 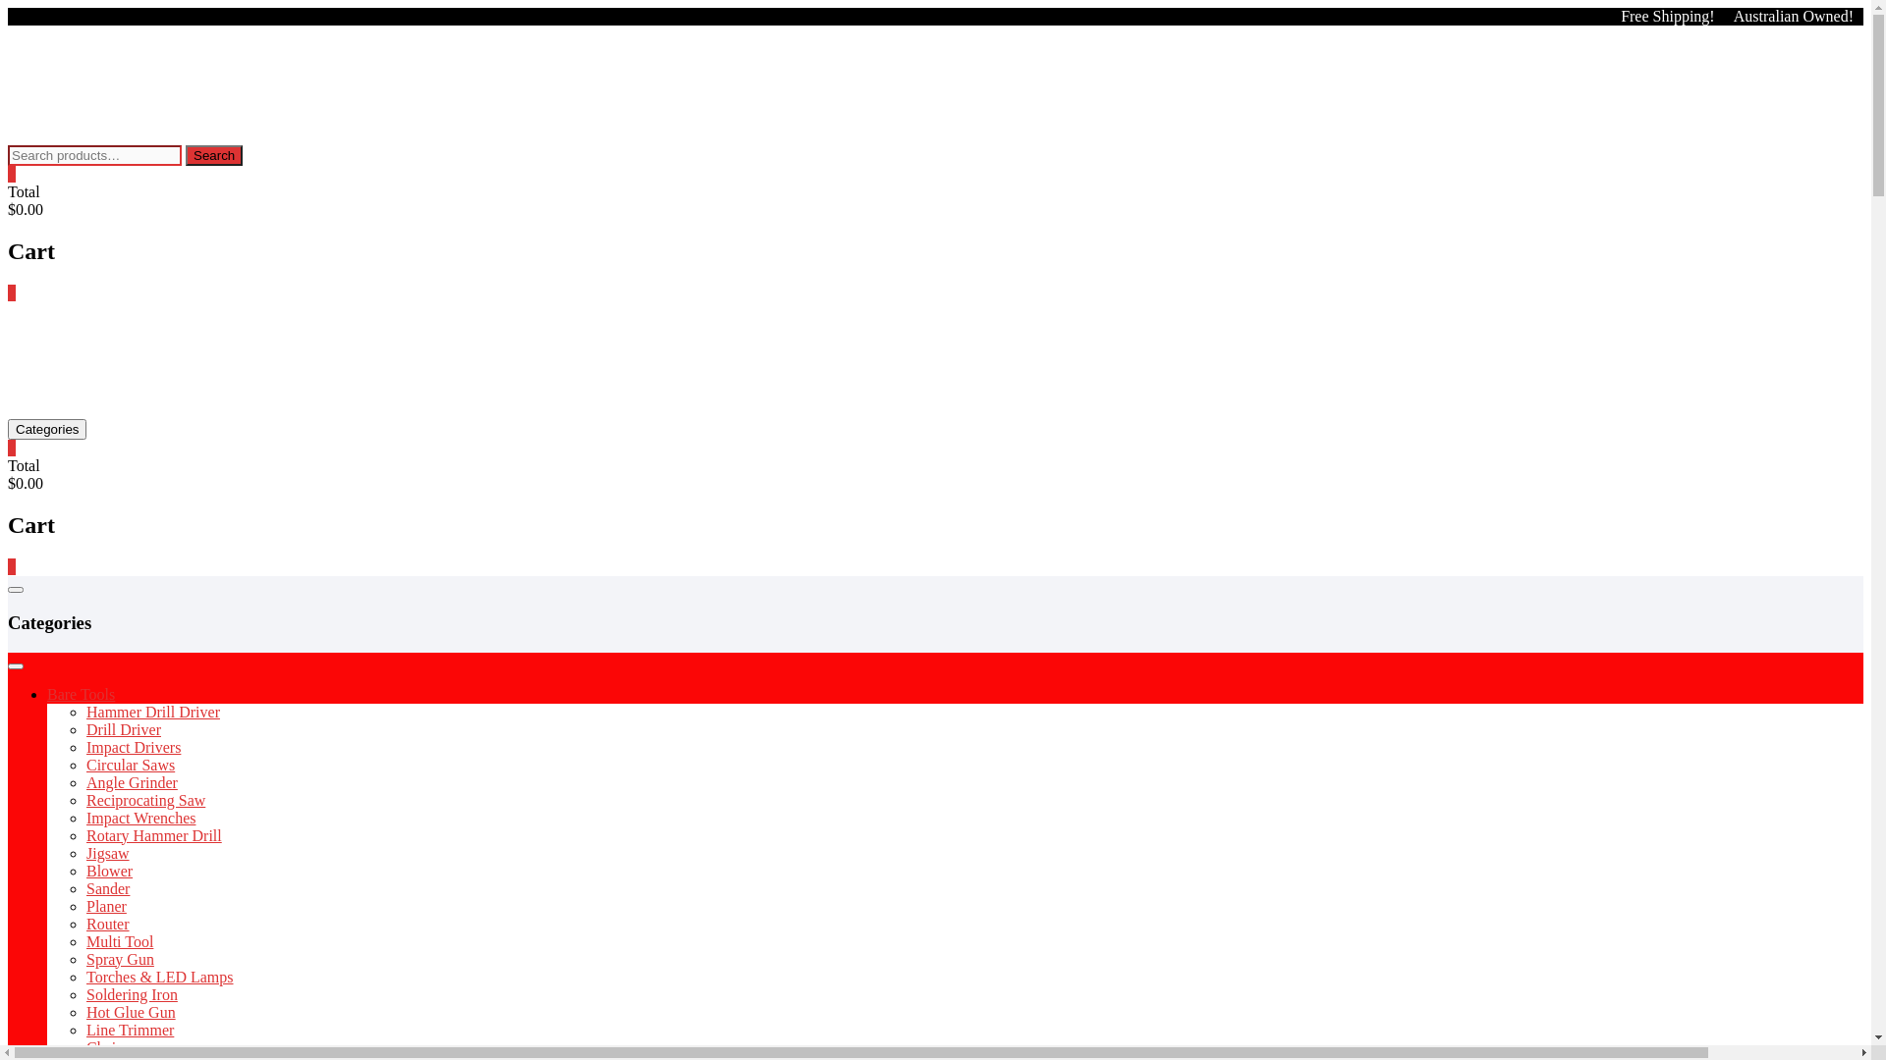 I want to click on 'Line Trimmer', so click(x=129, y=1029).